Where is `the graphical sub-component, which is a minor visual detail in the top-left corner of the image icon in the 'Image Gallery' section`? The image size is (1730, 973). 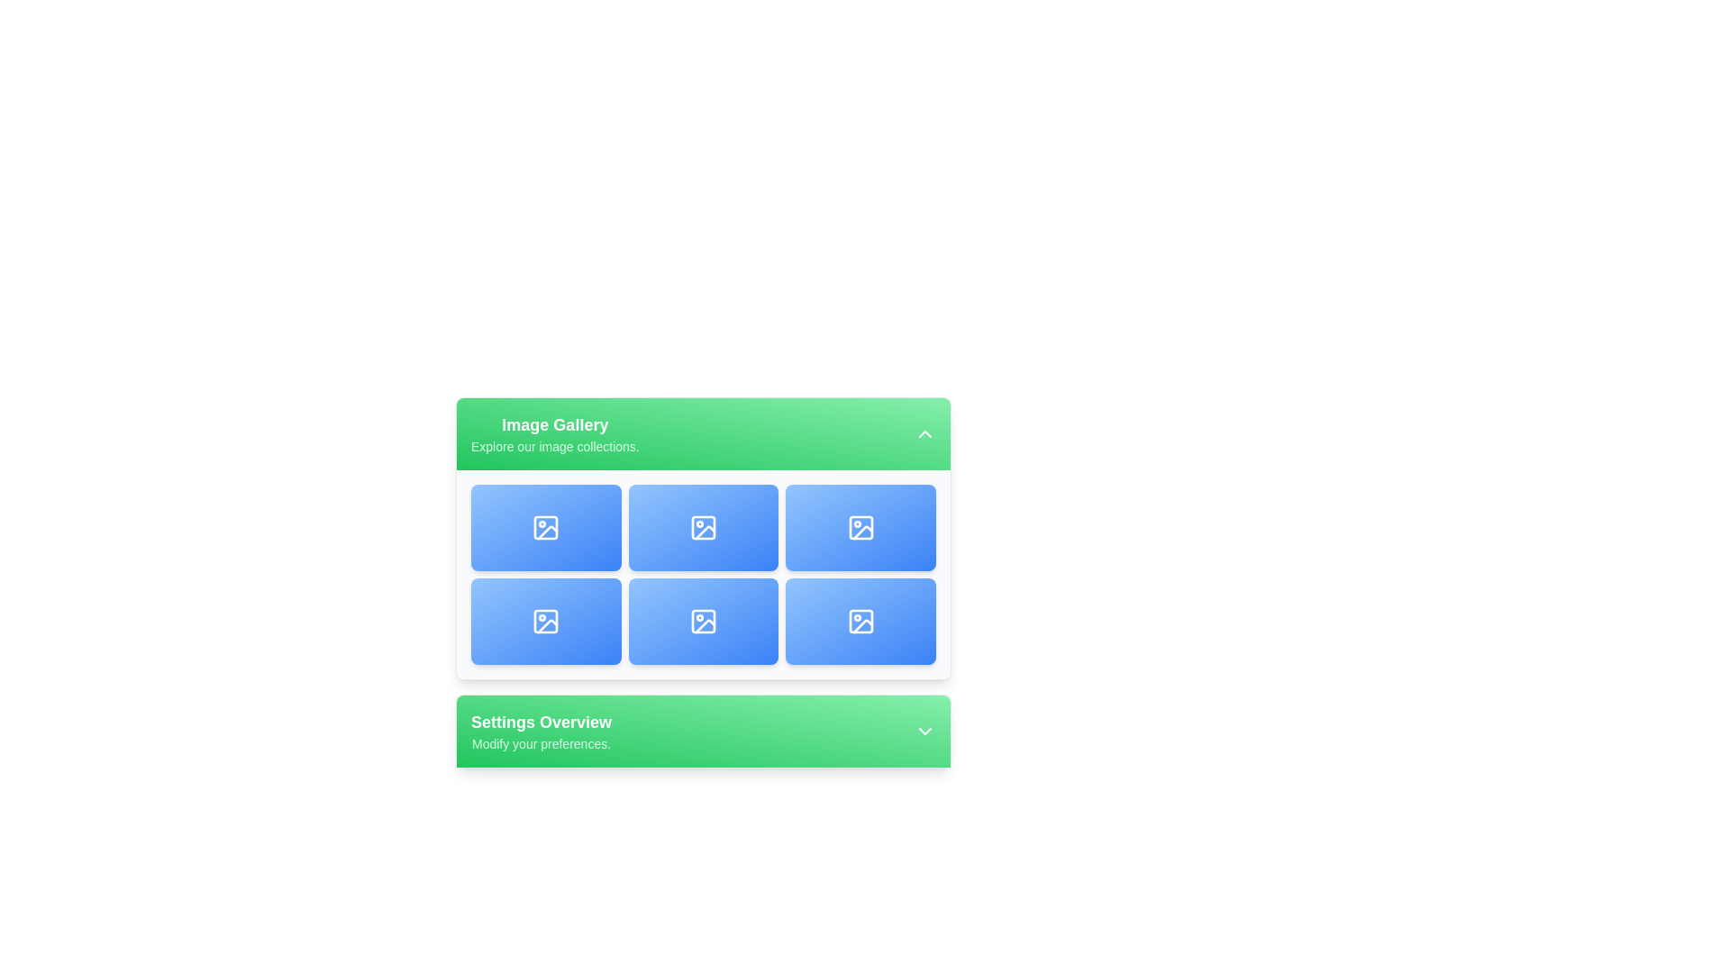 the graphical sub-component, which is a minor visual detail in the top-left corner of the image icon in the 'Image Gallery' section is located at coordinates (860, 527).